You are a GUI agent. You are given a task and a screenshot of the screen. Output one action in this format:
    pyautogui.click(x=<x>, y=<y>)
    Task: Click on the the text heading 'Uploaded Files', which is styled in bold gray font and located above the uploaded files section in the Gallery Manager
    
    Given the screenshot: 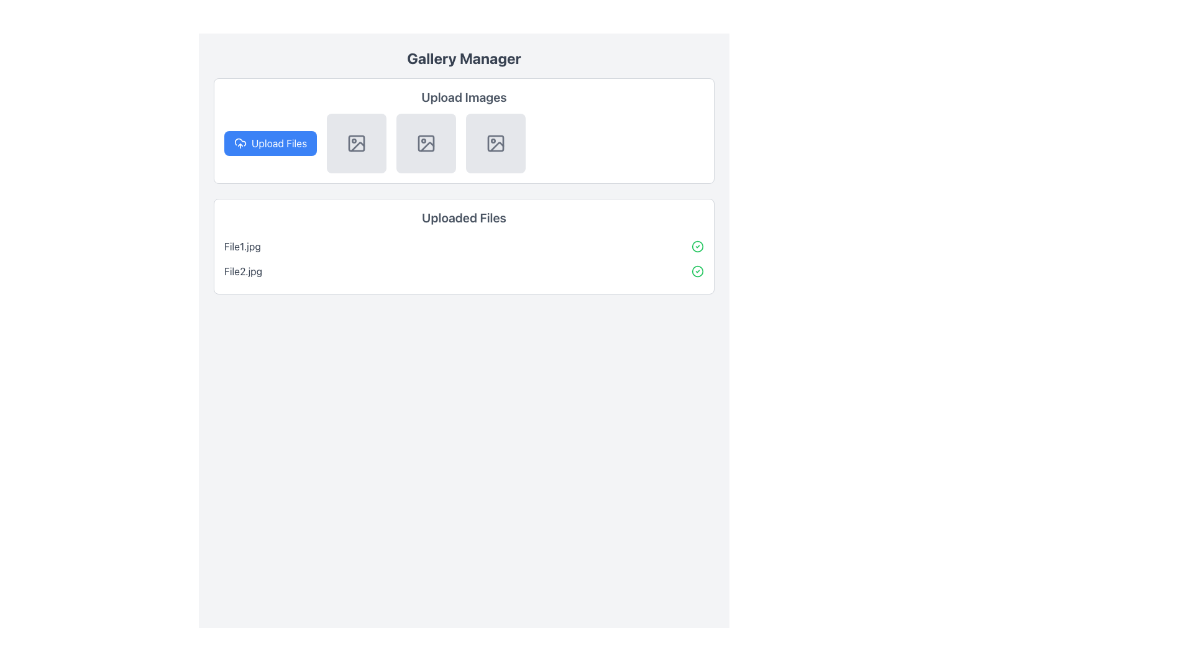 What is the action you would take?
    pyautogui.click(x=464, y=217)
    